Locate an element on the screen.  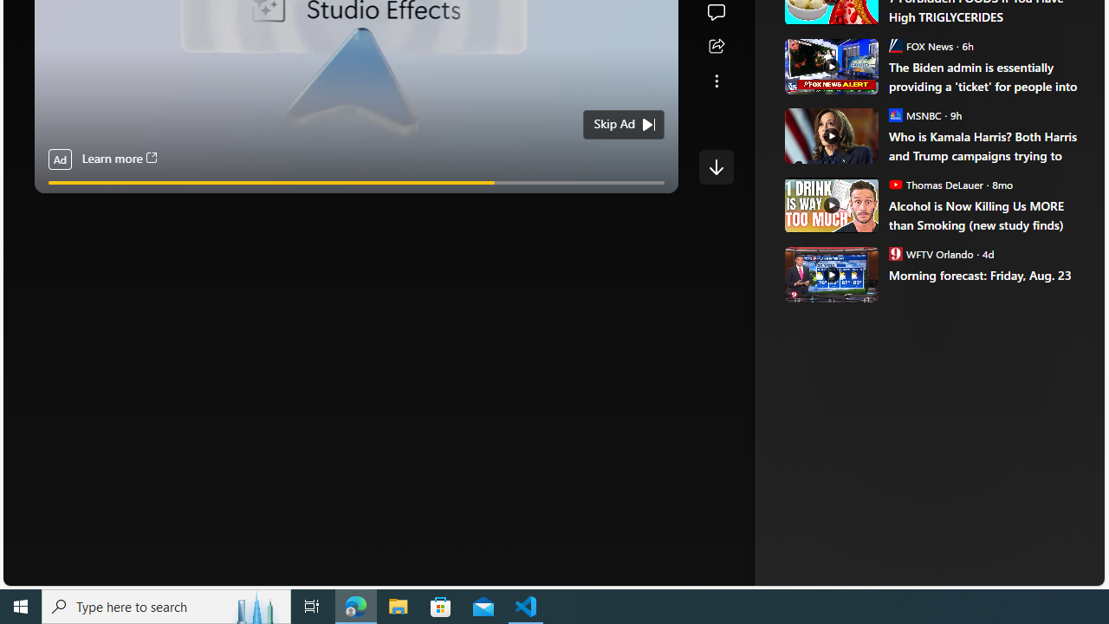
'MSNBC' is located at coordinates (895, 114).